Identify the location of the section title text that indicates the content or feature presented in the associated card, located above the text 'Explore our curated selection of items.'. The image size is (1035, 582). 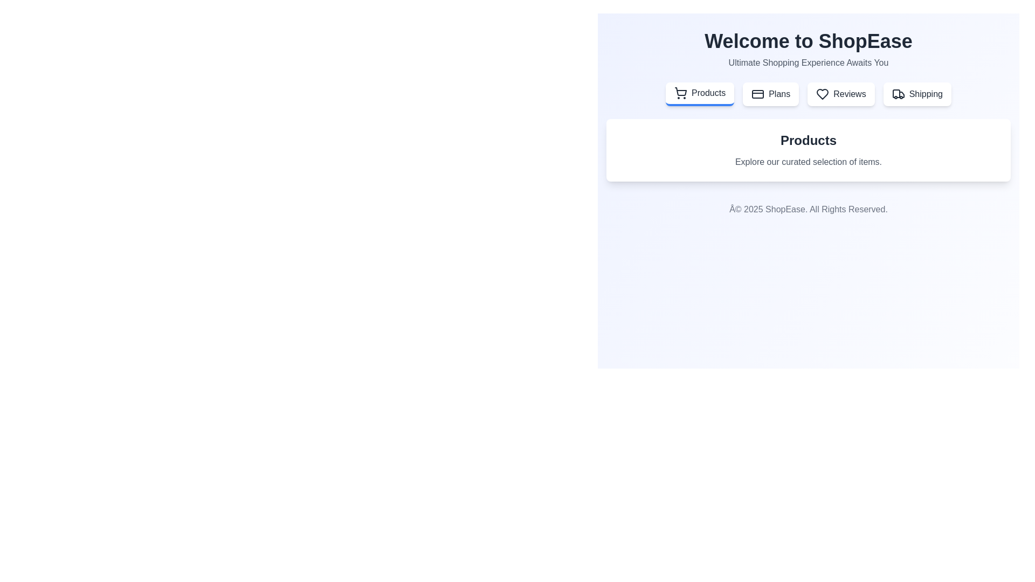
(808, 140).